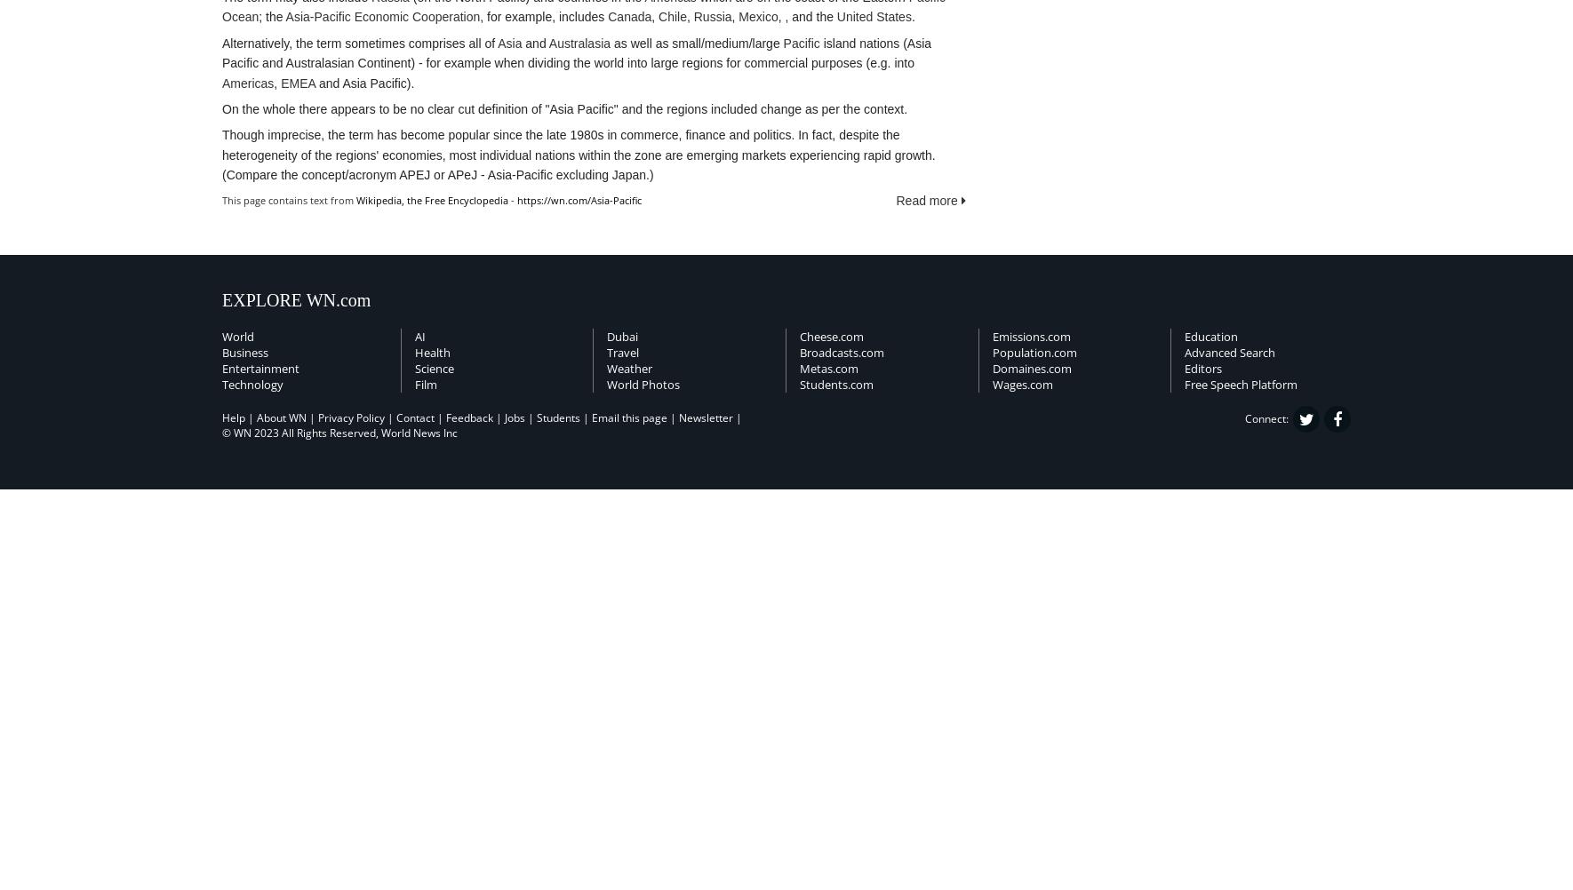  I want to click on 'Domaines.com', so click(1031, 369).